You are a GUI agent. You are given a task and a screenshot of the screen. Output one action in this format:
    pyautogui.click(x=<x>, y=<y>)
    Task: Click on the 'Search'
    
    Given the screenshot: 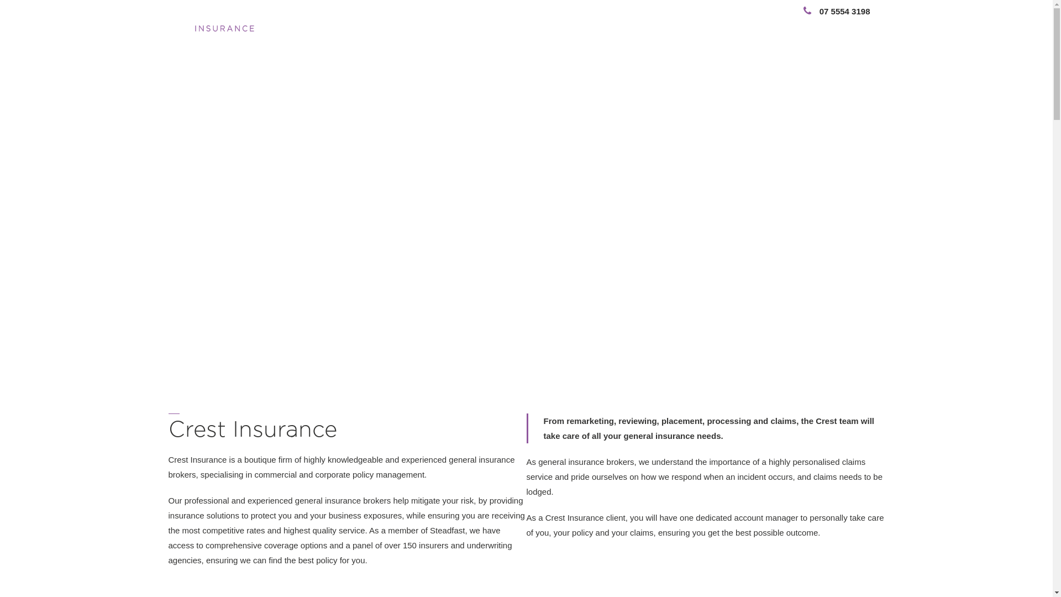 What is the action you would take?
    pyautogui.click(x=833, y=25)
    